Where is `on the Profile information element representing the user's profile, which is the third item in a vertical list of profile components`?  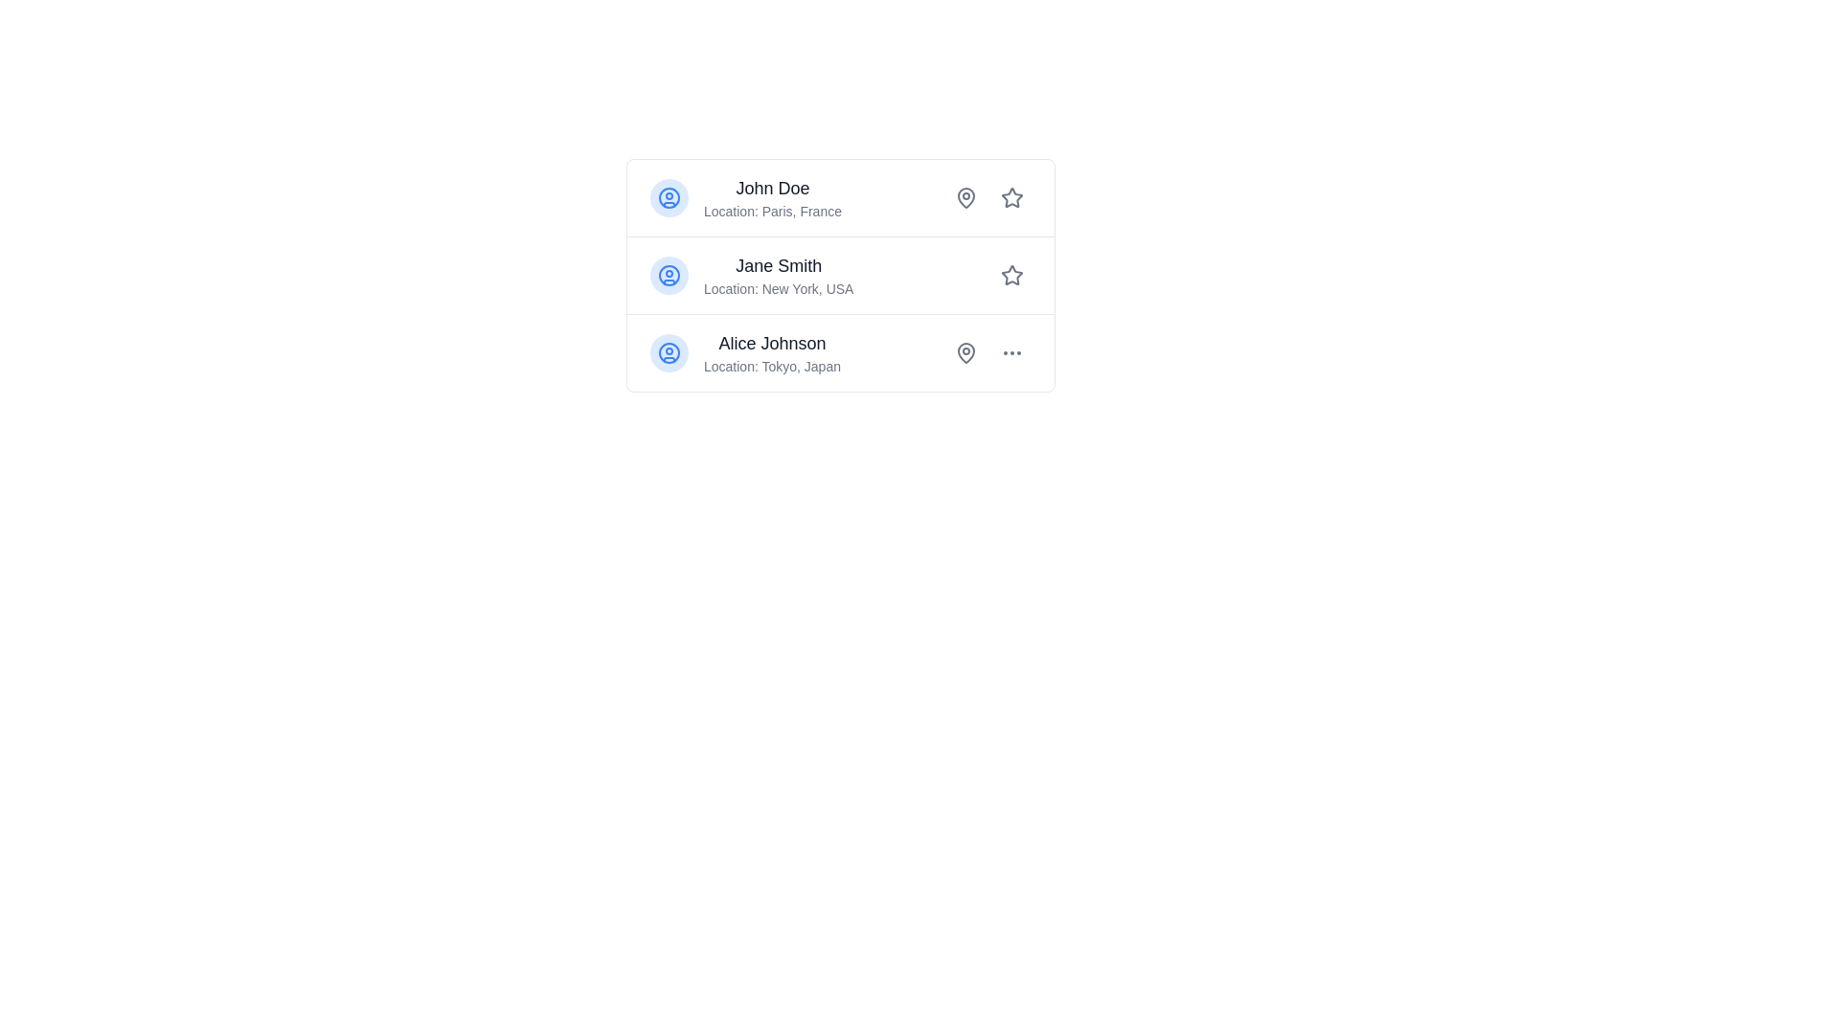
on the Profile information element representing the user's profile, which is the third item in a vertical list of profile components is located at coordinates (744, 353).